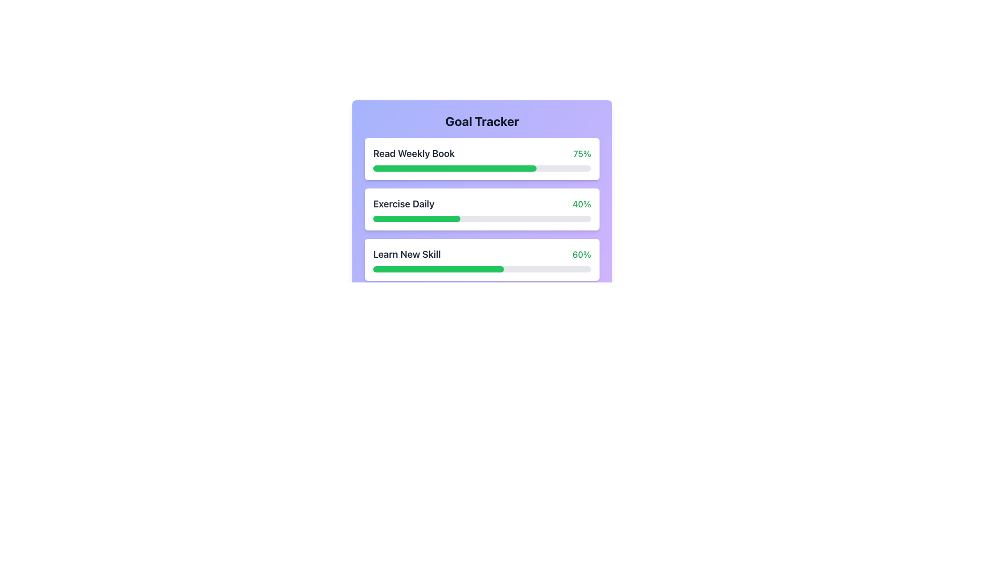 This screenshot has width=1008, height=567. What do you see at coordinates (438, 269) in the screenshot?
I see `the progress completion visually for the 'Learn New Skill' goal, indicated by the progress bar showing 60% completion` at bounding box center [438, 269].